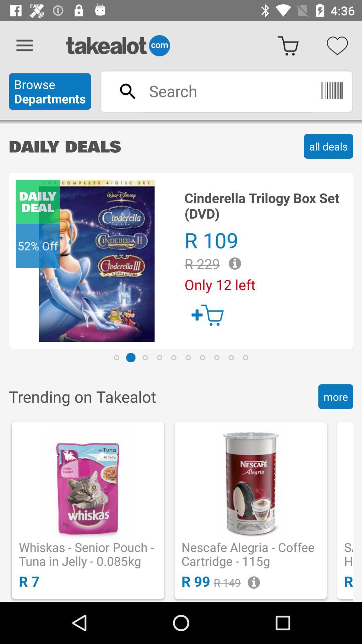 The height and width of the screenshot is (644, 362). Describe the element at coordinates (332, 91) in the screenshot. I see `the delete icon` at that location.